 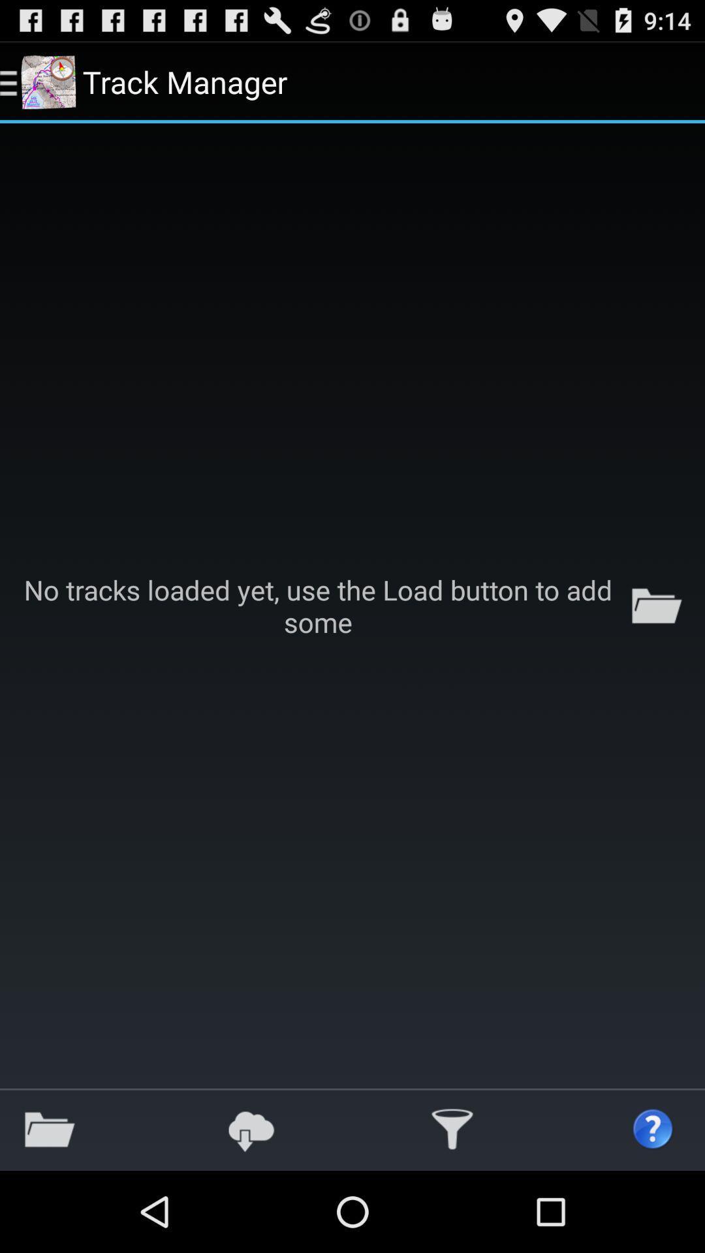 What do you see at coordinates (251, 1129) in the screenshot?
I see `the app below no tracks loaded app` at bounding box center [251, 1129].